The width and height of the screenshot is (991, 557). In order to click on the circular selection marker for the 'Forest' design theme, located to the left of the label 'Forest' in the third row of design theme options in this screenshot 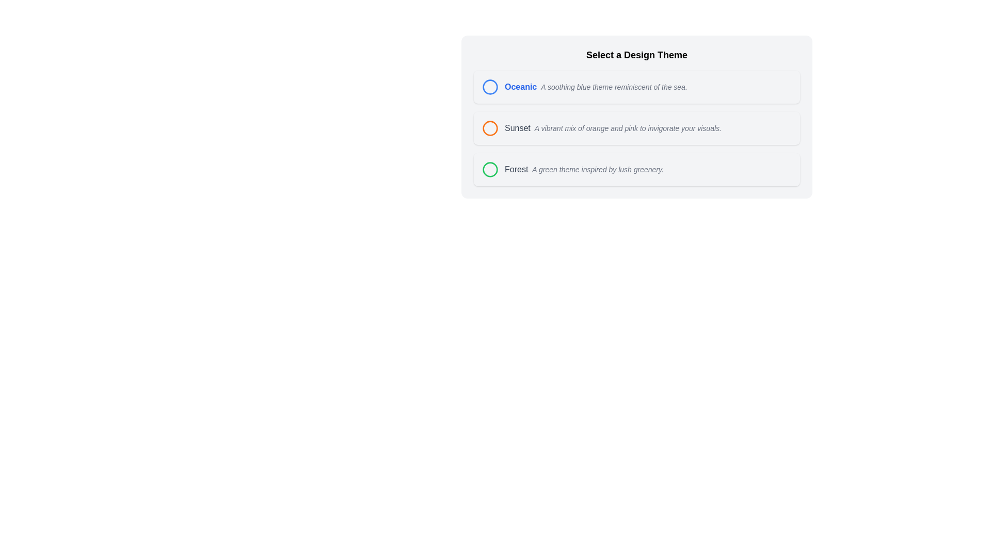, I will do `click(490, 169)`.